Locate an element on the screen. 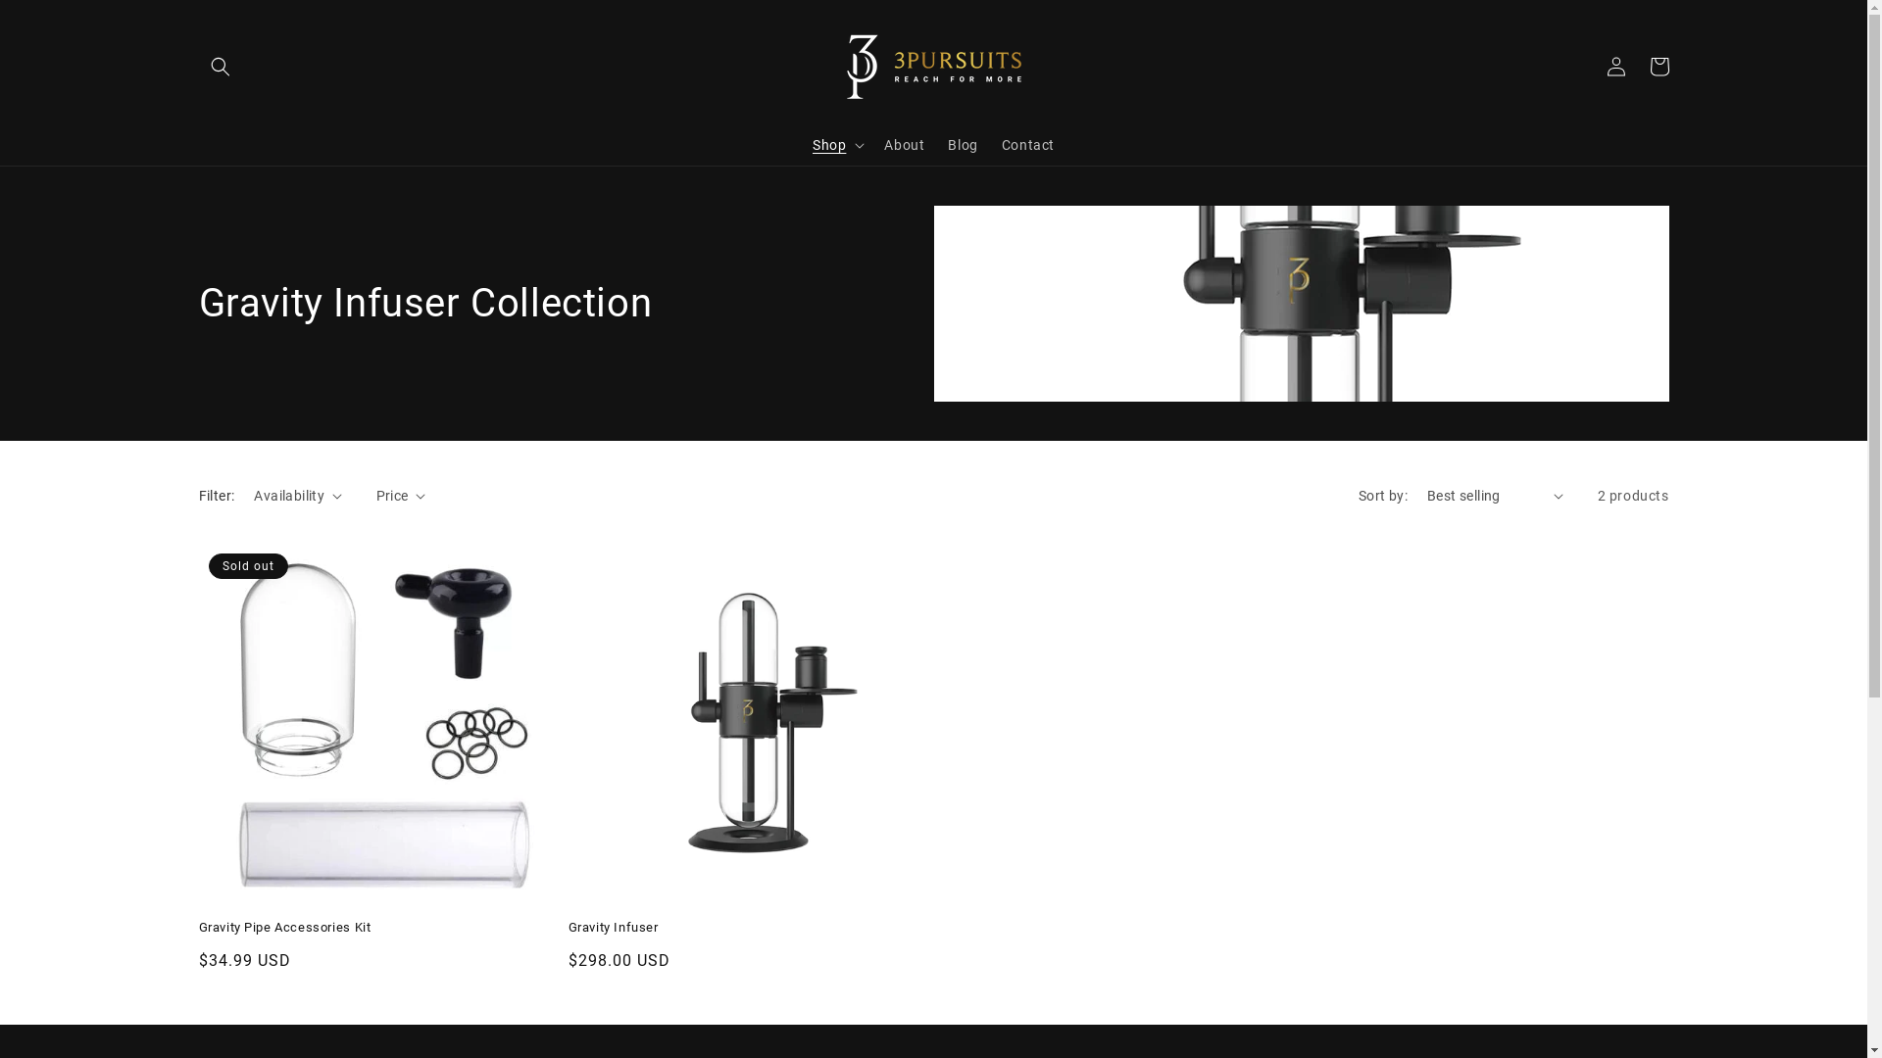  'Gravity Pipe Accessories Kit' is located at coordinates (378, 927).